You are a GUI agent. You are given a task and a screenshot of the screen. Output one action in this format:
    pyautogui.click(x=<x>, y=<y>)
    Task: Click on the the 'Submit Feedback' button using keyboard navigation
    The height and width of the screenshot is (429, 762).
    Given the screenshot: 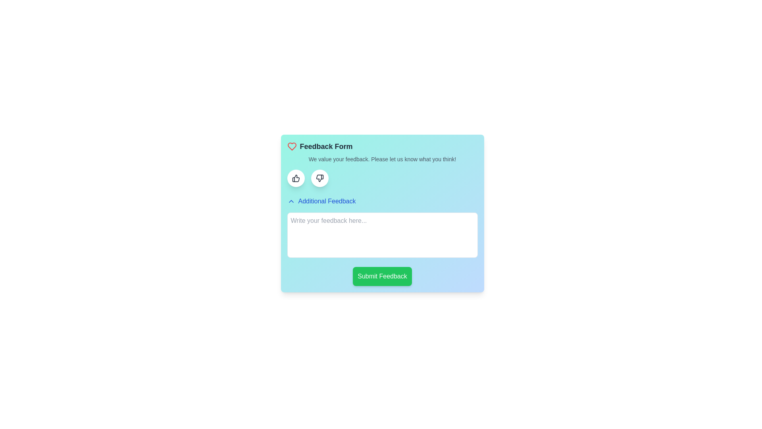 What is the action you would take?
    pyautogui.click(x=382, y=276)
    